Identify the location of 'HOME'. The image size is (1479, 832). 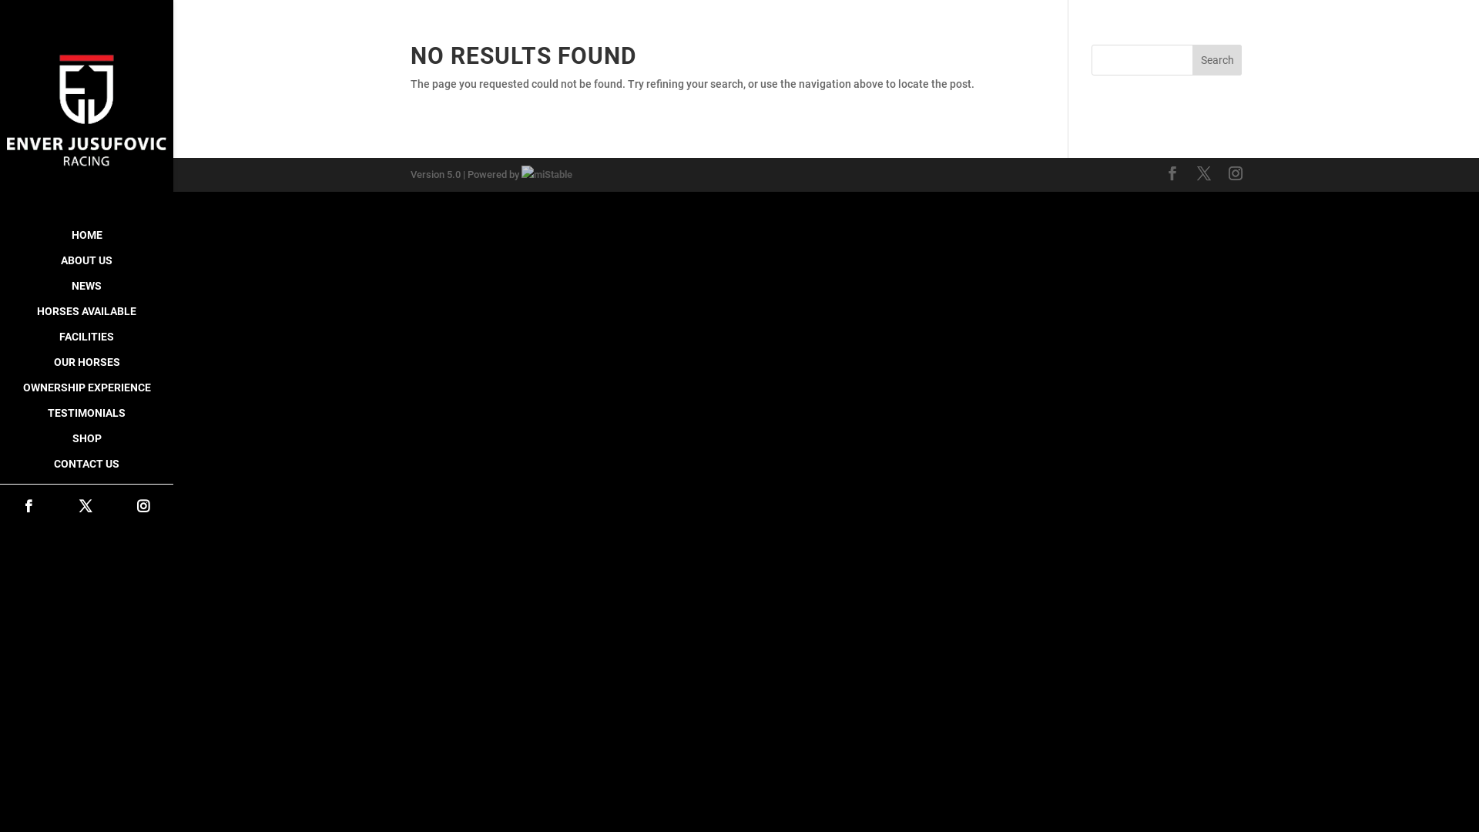
(86, 242).